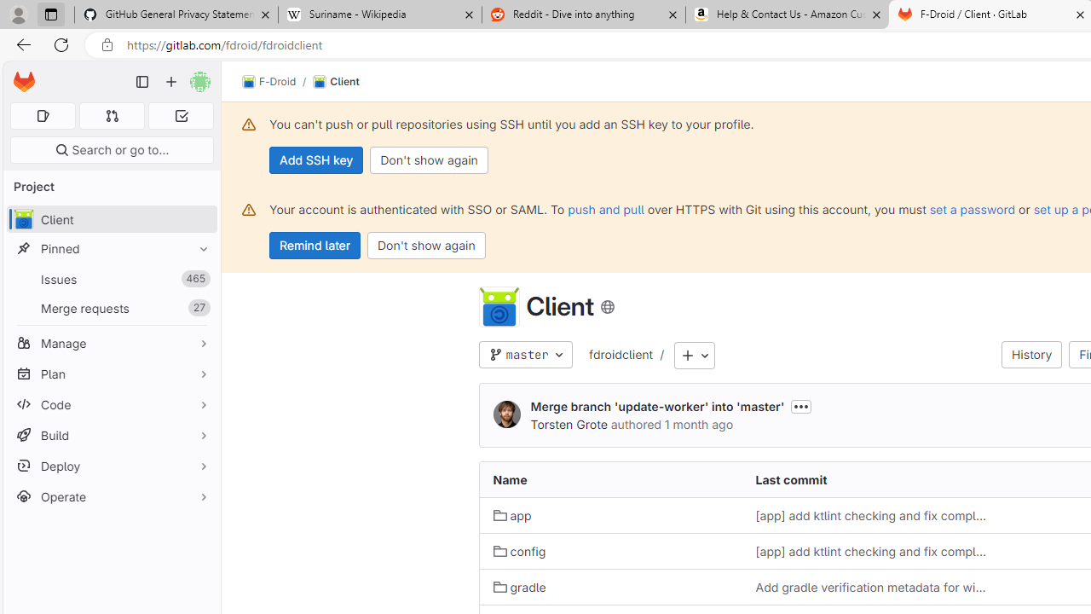 The image size is (1091, 614). What do you see at coordinates (111, 308) in the screenshot?
I see `'Merge requests27'` at bounding box center [111, 308].